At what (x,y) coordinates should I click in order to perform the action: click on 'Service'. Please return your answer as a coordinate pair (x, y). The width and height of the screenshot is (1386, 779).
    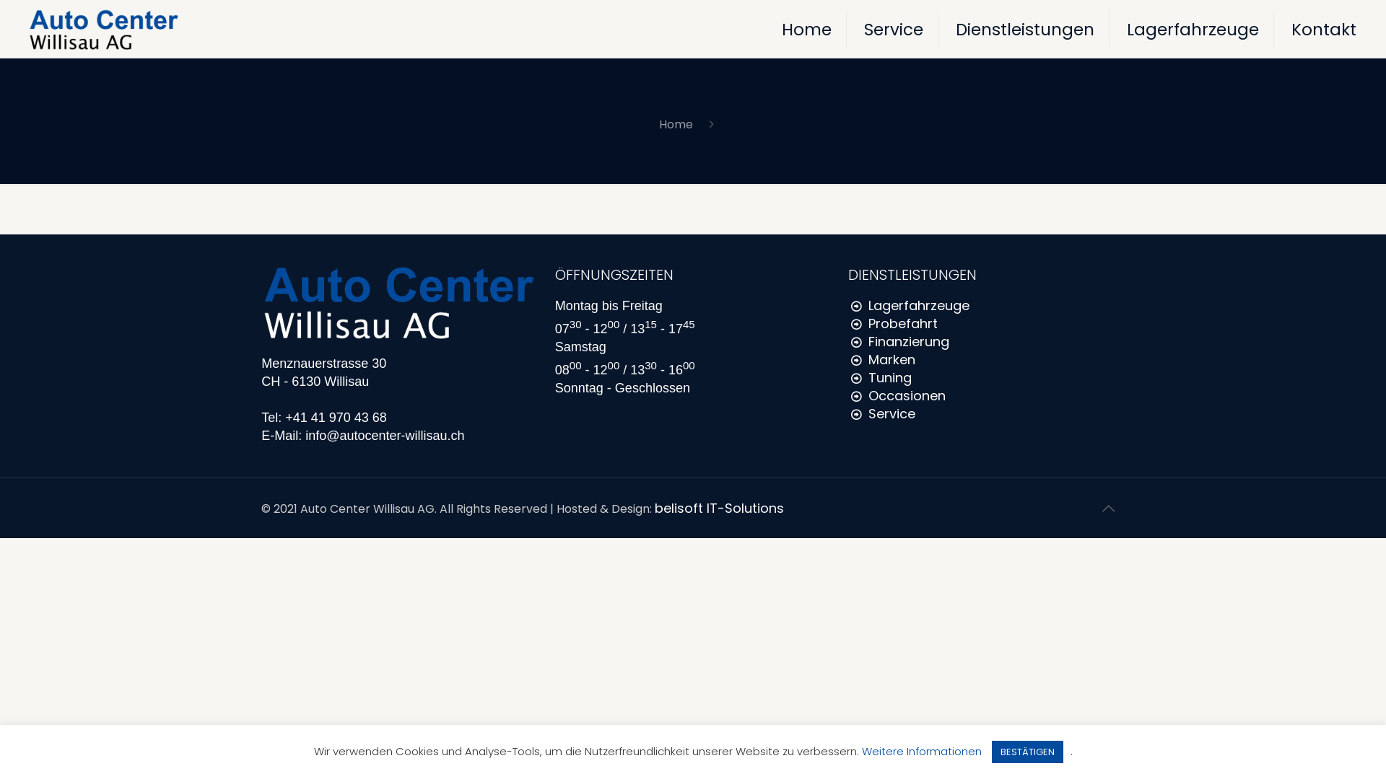
    Looking at the image, I should click on (893, 30).